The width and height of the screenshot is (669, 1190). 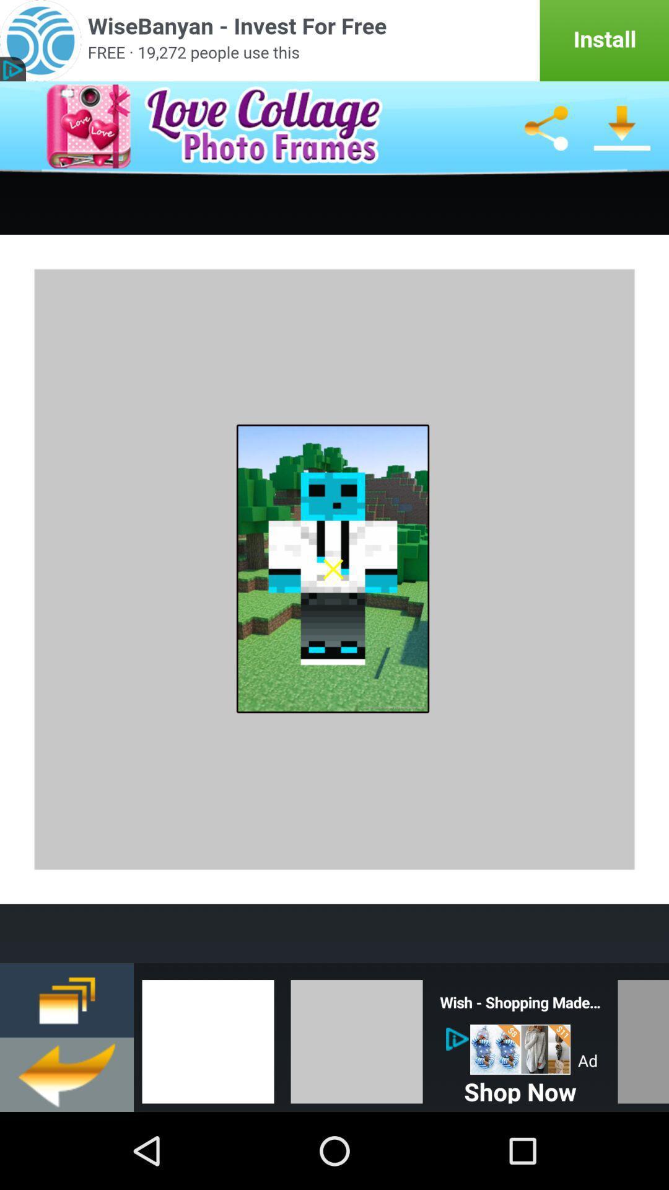 I want to click on advertising, so click(x=520, y=1049).